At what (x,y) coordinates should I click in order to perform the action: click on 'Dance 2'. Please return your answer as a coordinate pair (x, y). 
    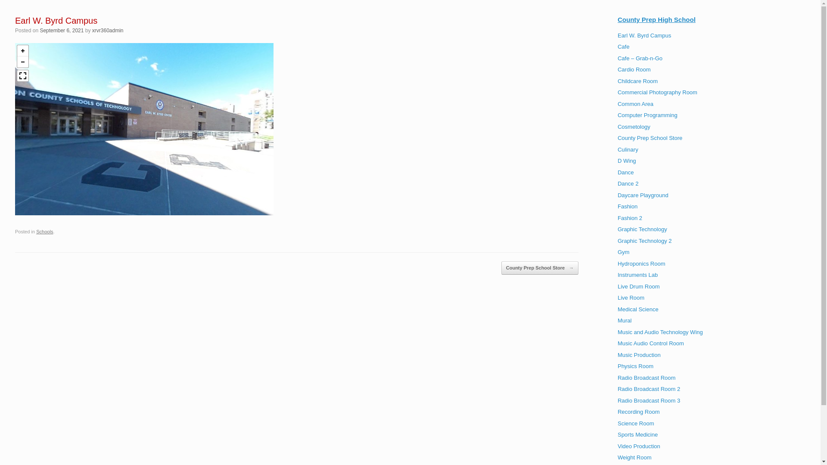
    Looking at the image, I should click on (628, 183).